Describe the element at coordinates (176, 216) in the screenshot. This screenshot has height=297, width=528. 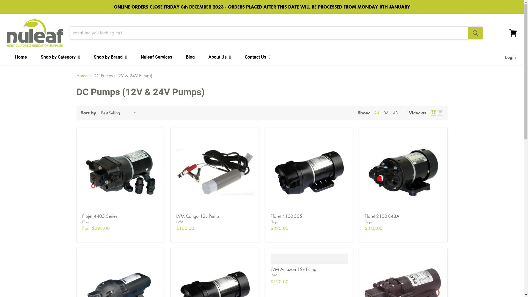
I see `'LVM Congo 12v Pump'` at that location.